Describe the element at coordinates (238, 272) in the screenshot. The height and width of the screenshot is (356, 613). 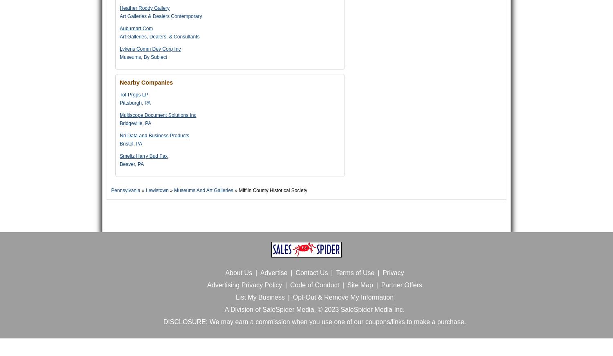
I see `'About Us'` at that location.